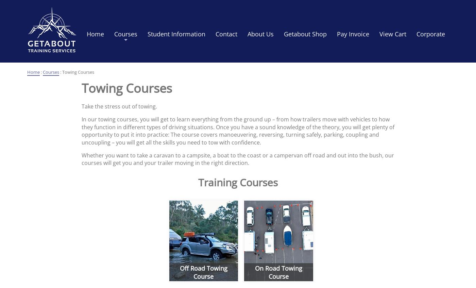  I want to click on 'Whether you want to take a caravan to a campsite, a boat to the coast or a campervan off road and out into the bush, our courses will get you and your trailer moving in the right direction.', so click(81, 159).